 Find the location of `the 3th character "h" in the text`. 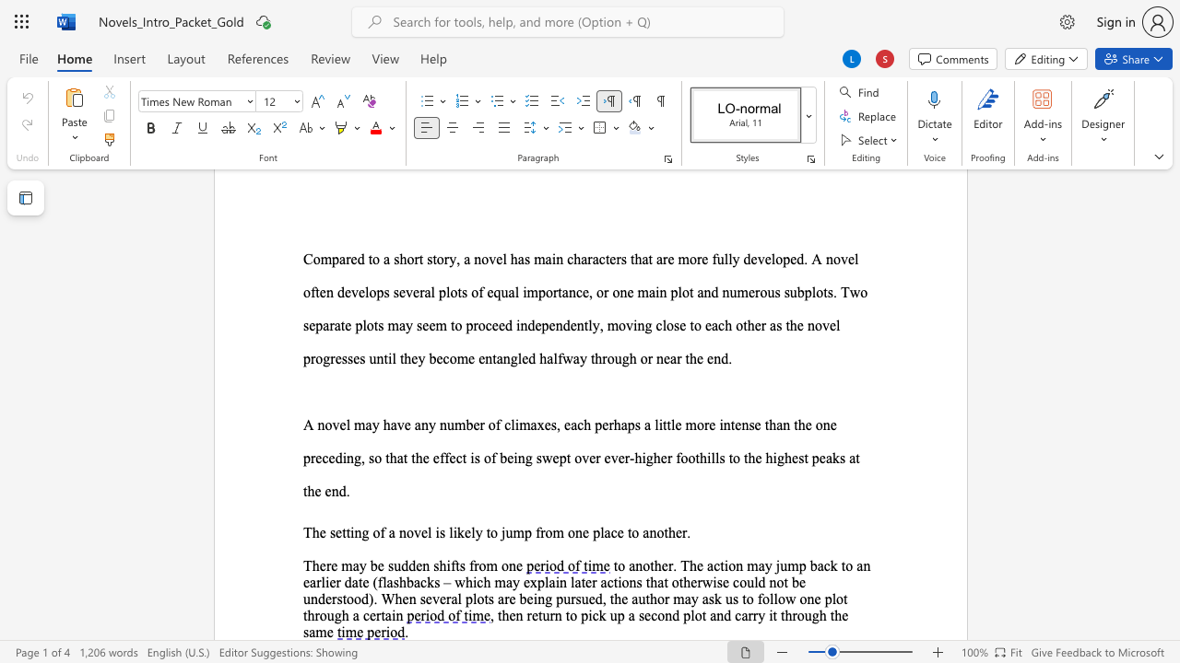

the 3th character "h" in the text is located at coordinates (821, 615).